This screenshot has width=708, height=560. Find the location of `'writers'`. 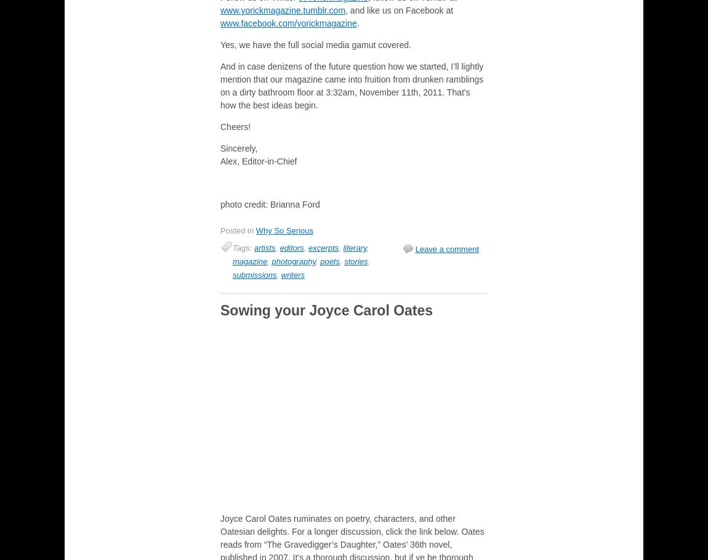

'writers' is located at coordinates (280, 274).